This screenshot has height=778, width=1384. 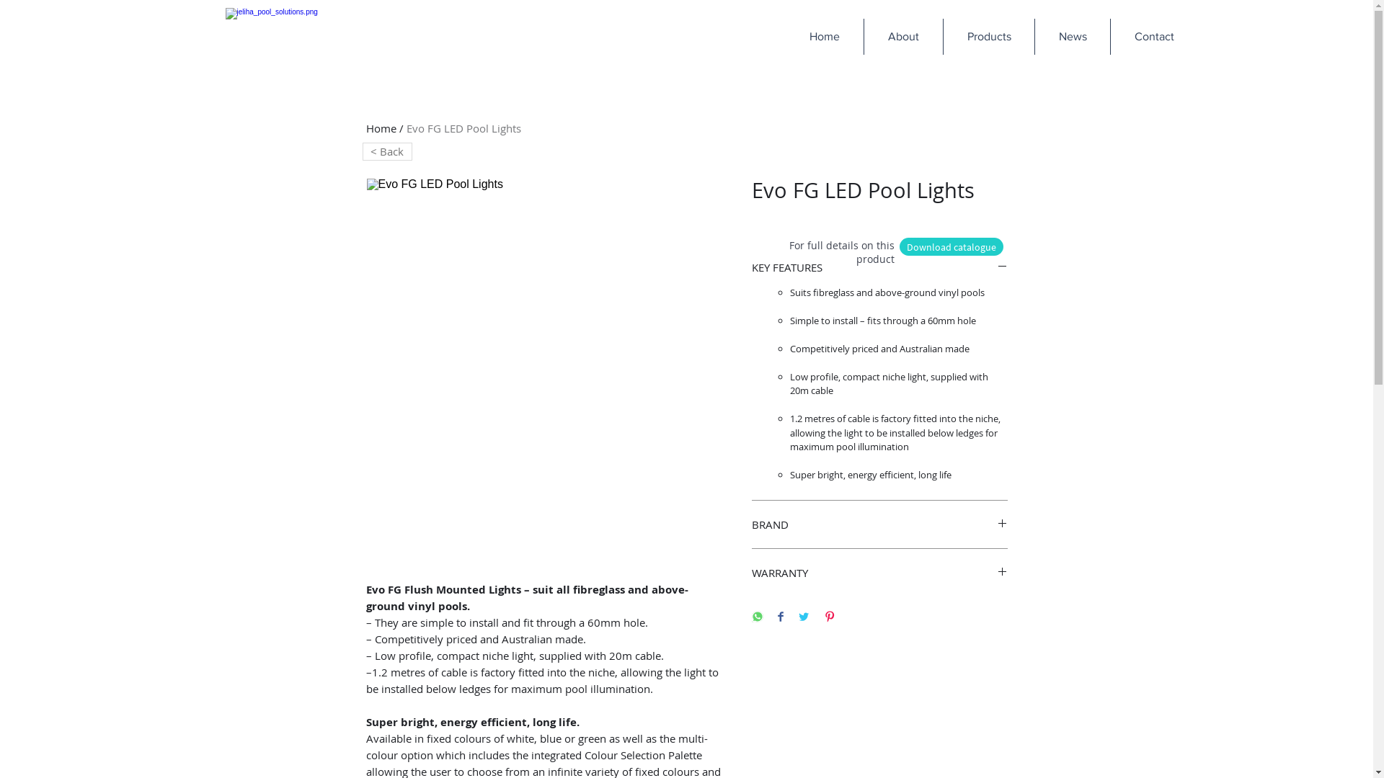 I want to click on 'KEY FEATURES', so click(x=878, y=267).